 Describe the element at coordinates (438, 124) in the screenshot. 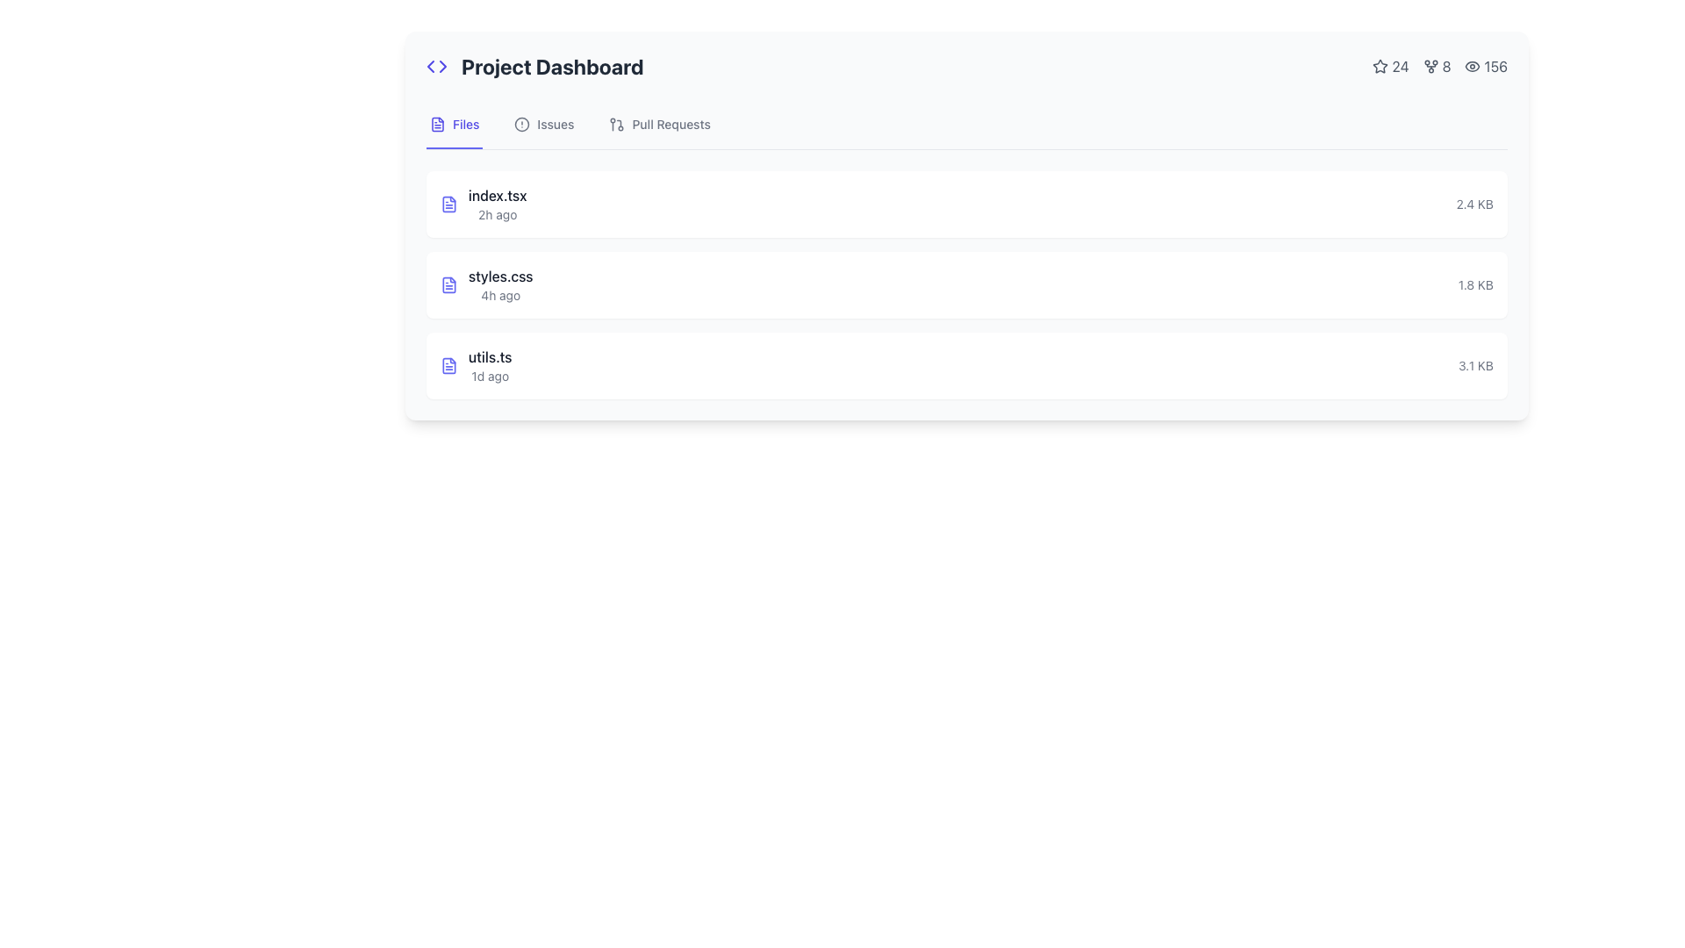

I see `document icon with a blue stroke located to the left of the 'Files' label in the navigation tab of the dashboard for styling` at that location.